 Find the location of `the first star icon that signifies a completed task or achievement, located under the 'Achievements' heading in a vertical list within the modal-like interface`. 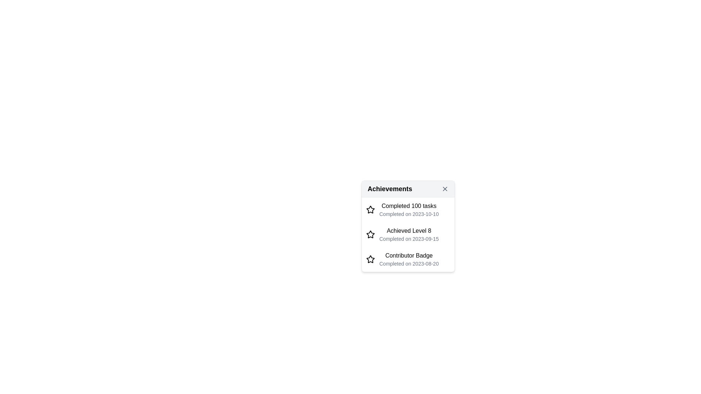

the first star icon that signifies a completed task or achievement, located under the 'Achievements' heading in a vertical list within the modal-like interface is located at coordinates (370, 209).